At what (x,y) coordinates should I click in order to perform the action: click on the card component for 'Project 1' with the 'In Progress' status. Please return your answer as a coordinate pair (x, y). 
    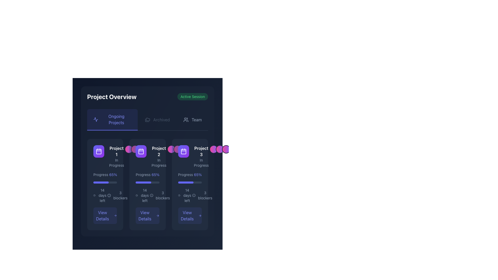
    Looking at the image, I should click on (109, 156).